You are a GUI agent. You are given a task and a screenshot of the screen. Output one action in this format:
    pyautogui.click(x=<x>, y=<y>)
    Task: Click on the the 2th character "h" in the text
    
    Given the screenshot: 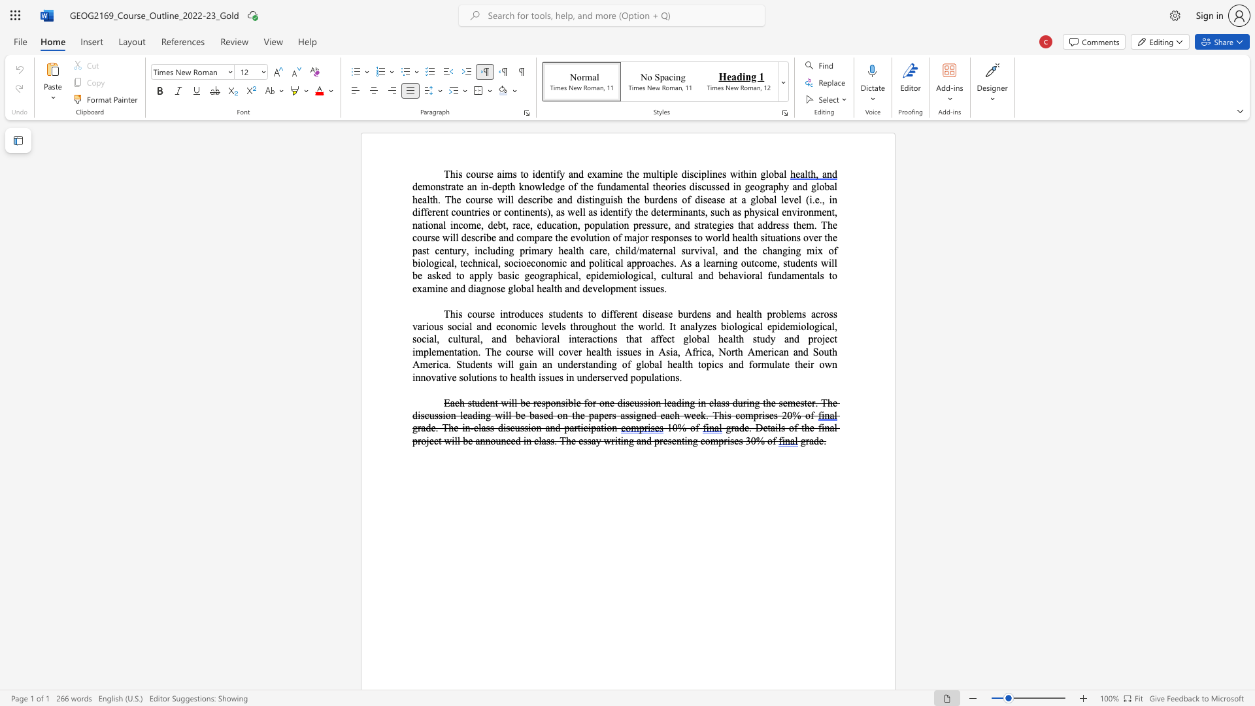 What is the action you would take?
    pyautogui.click(x=690, y=364)
    